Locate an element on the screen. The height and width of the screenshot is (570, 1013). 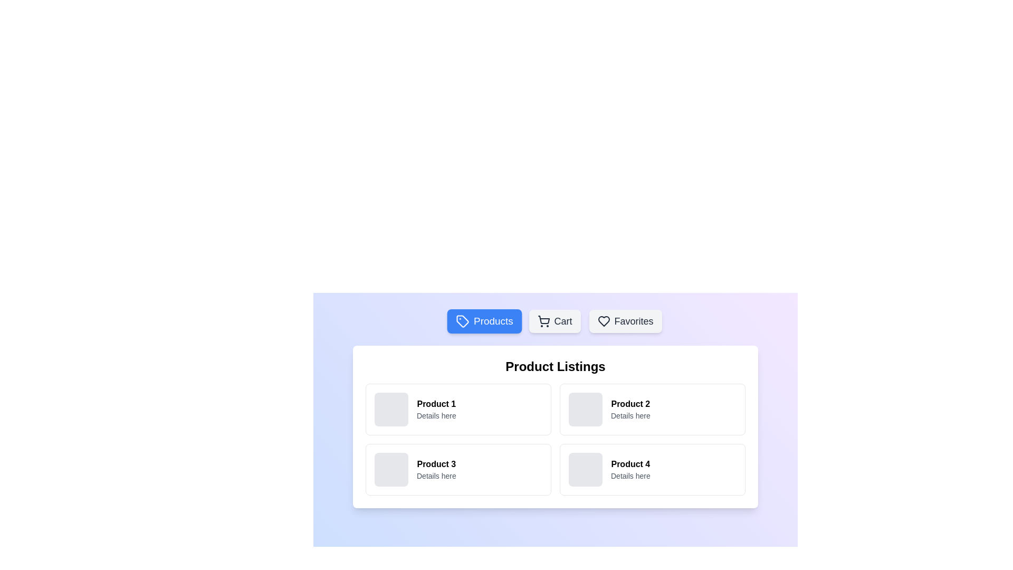
the static text label 'Product Listings' which is prominently displayed in bold and large font at the top of the product section is located at coordinates (555, 366).